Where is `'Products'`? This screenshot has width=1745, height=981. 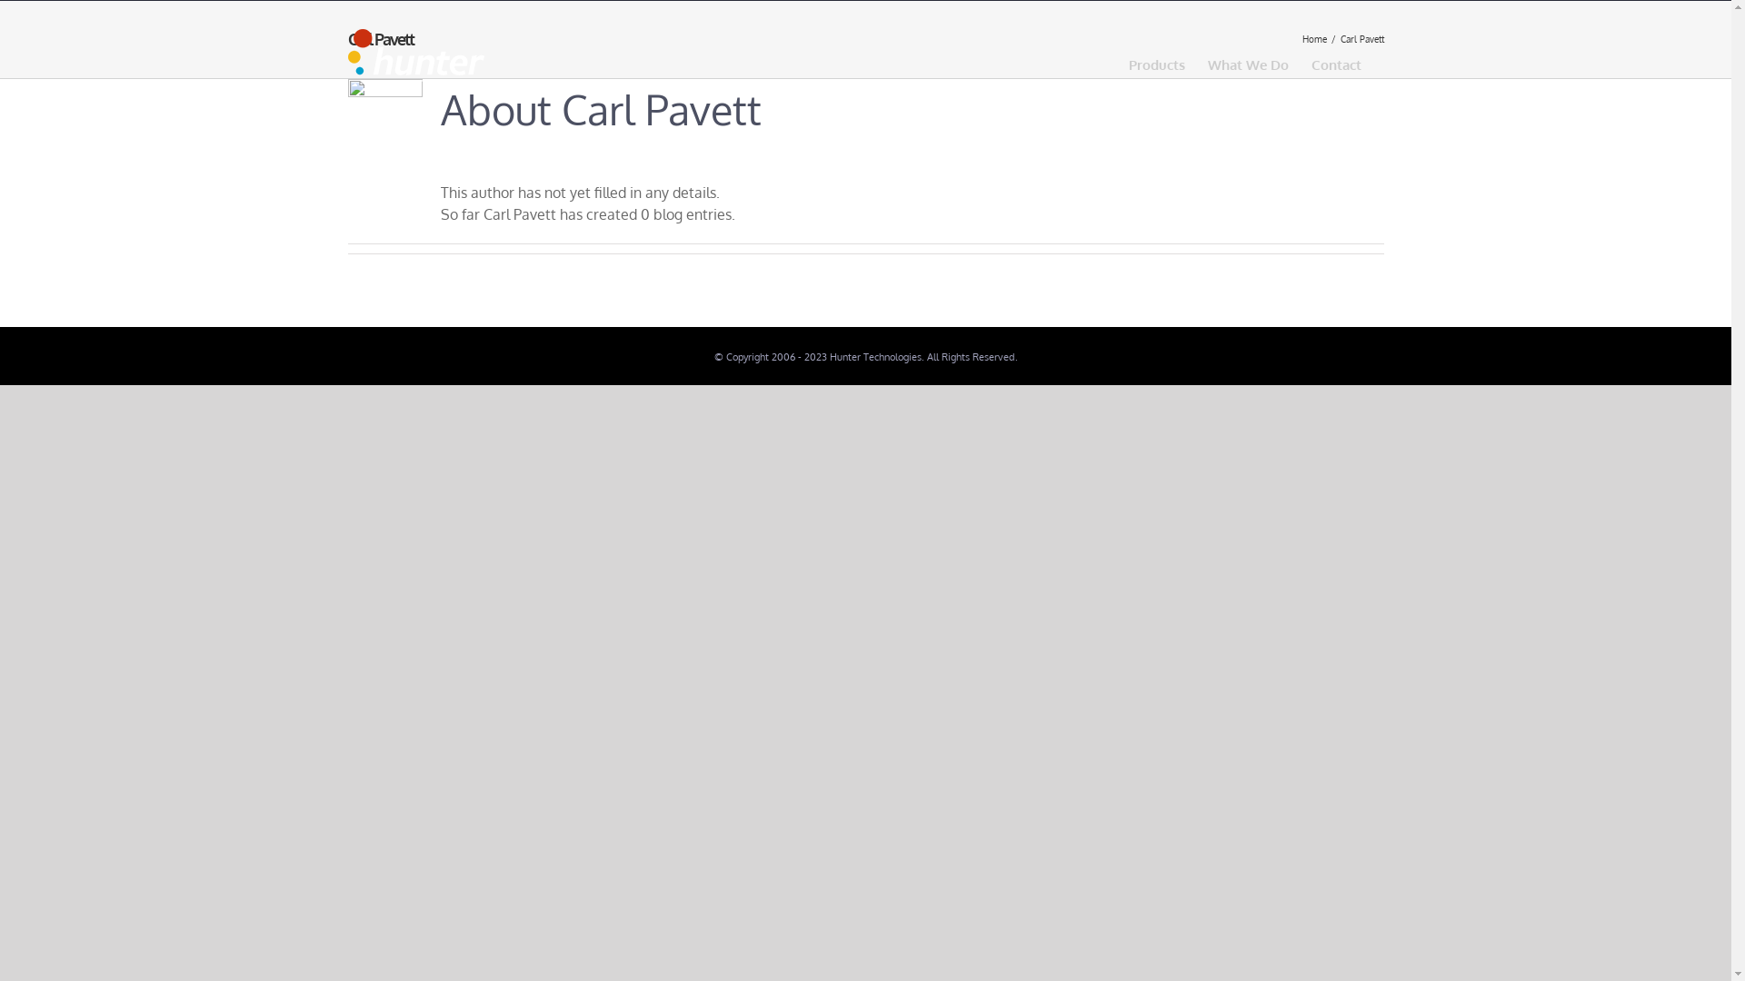
'Products' is located at coordinates (1155, 63).